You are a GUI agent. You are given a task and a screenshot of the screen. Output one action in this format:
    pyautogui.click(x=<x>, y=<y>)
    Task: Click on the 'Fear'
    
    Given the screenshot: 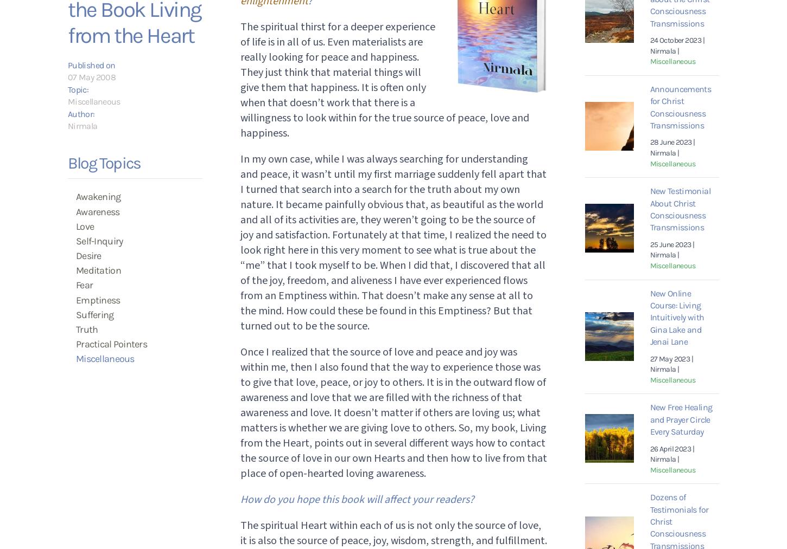 What is the action you would take?
    pyautogui.click(x=75, y=285)
    